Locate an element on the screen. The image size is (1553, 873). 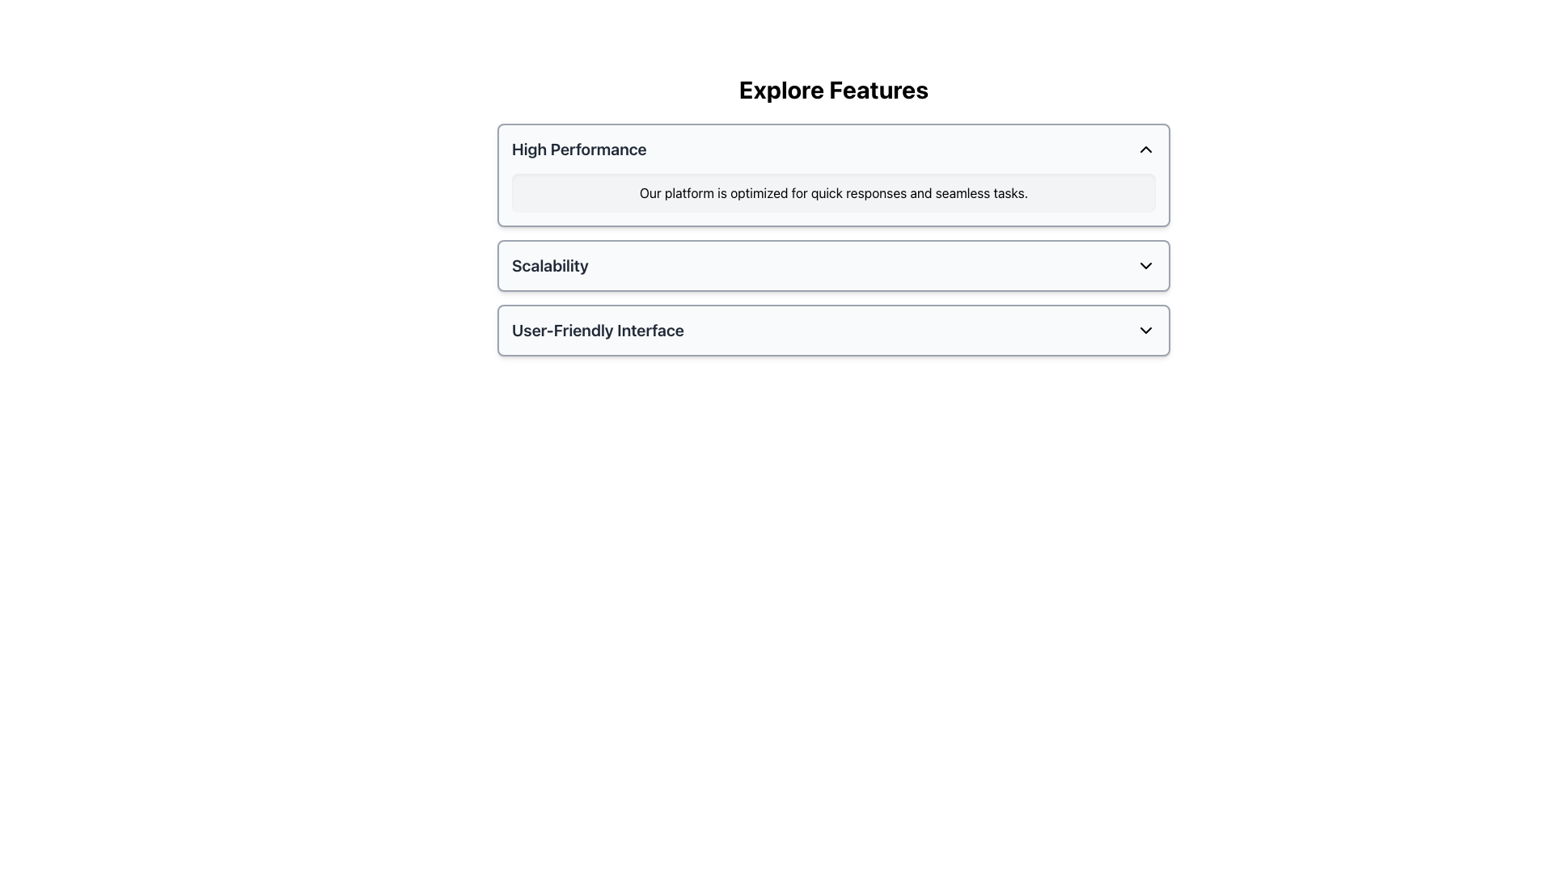
the 'Scalability' text label located in the second section under 'Explore Features', which is displayed in bold dark gray font, to interact with nearby regions is located at coordinates (550, 264).